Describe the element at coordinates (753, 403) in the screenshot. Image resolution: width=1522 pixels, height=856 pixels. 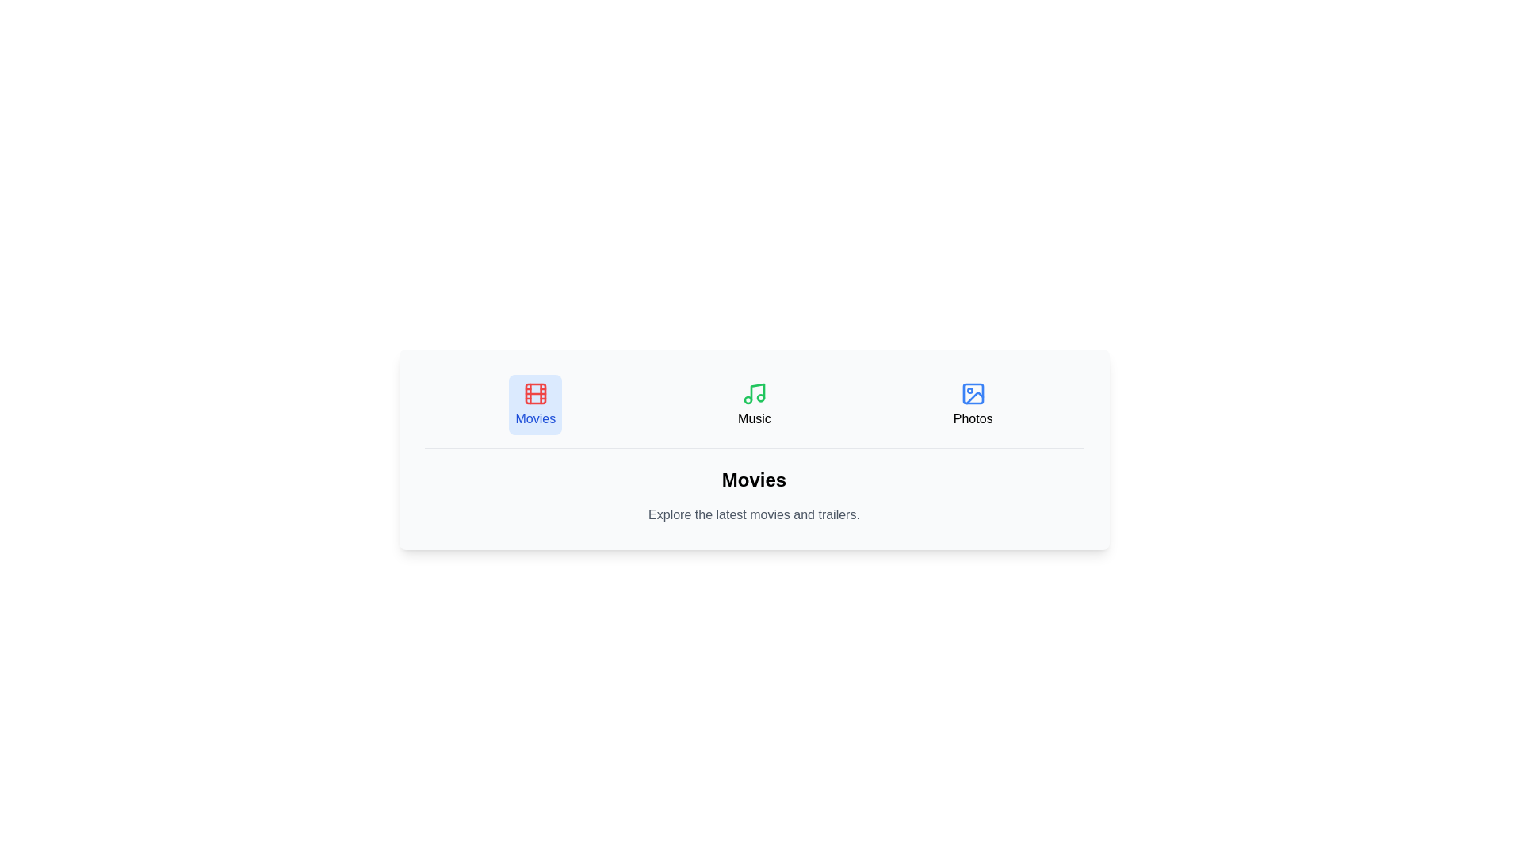
I see `the tab labeled Music to switch the content` at that location.